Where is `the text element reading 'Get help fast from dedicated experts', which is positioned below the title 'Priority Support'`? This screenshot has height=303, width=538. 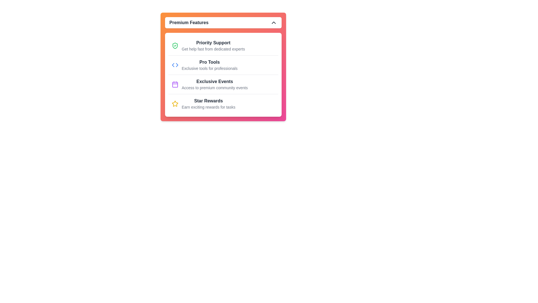 the text element reading 'Get help fast from dedicated experts', which is positioned below the title 'Priority Support' is located at coordinates (213, 49).